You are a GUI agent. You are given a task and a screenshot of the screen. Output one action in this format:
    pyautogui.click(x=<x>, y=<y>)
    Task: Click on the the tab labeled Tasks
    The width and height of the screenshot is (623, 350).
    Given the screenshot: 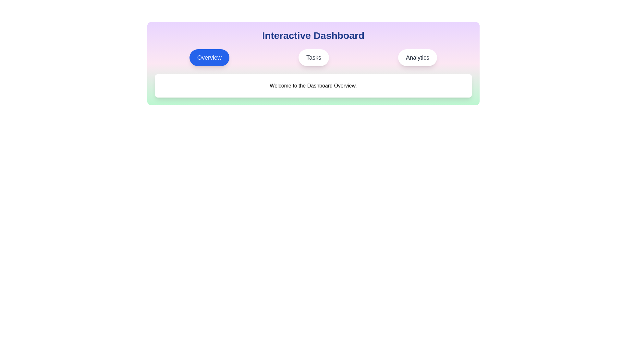 What is the action you would take?
    pyautogui.click(x=313, y=57)
    